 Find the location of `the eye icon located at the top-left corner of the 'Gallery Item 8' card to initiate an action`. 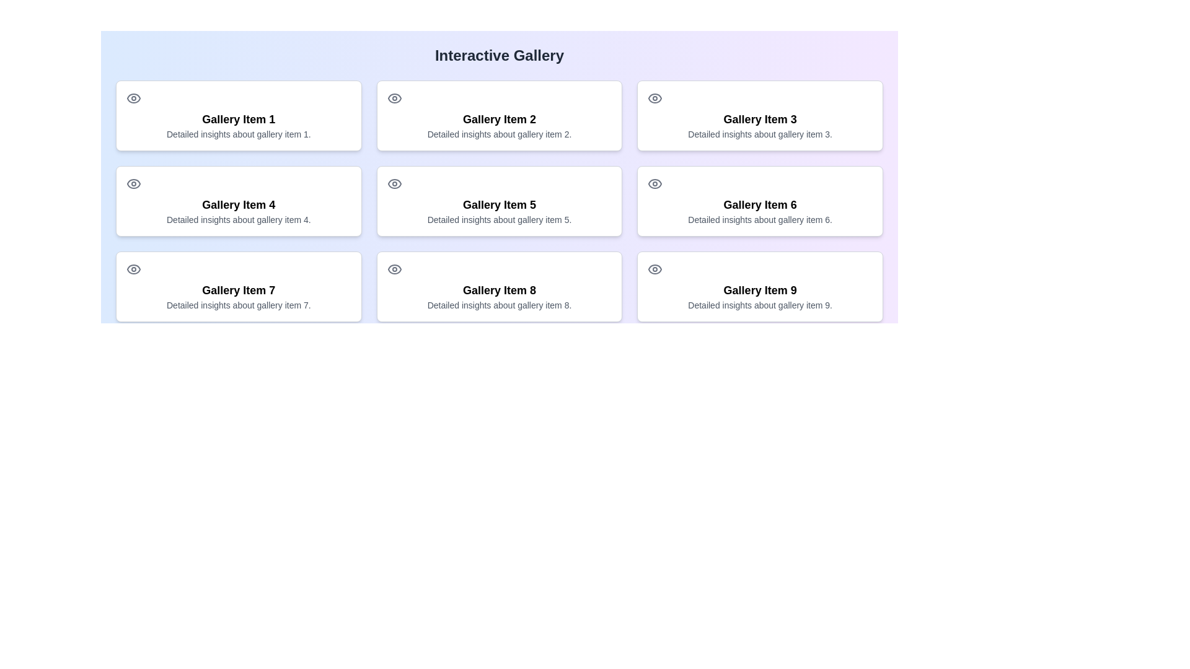

the eye icon located at the top-left corner of the 'Gallery Item 8' card to initiate an action is located at coordinates (394, 269).